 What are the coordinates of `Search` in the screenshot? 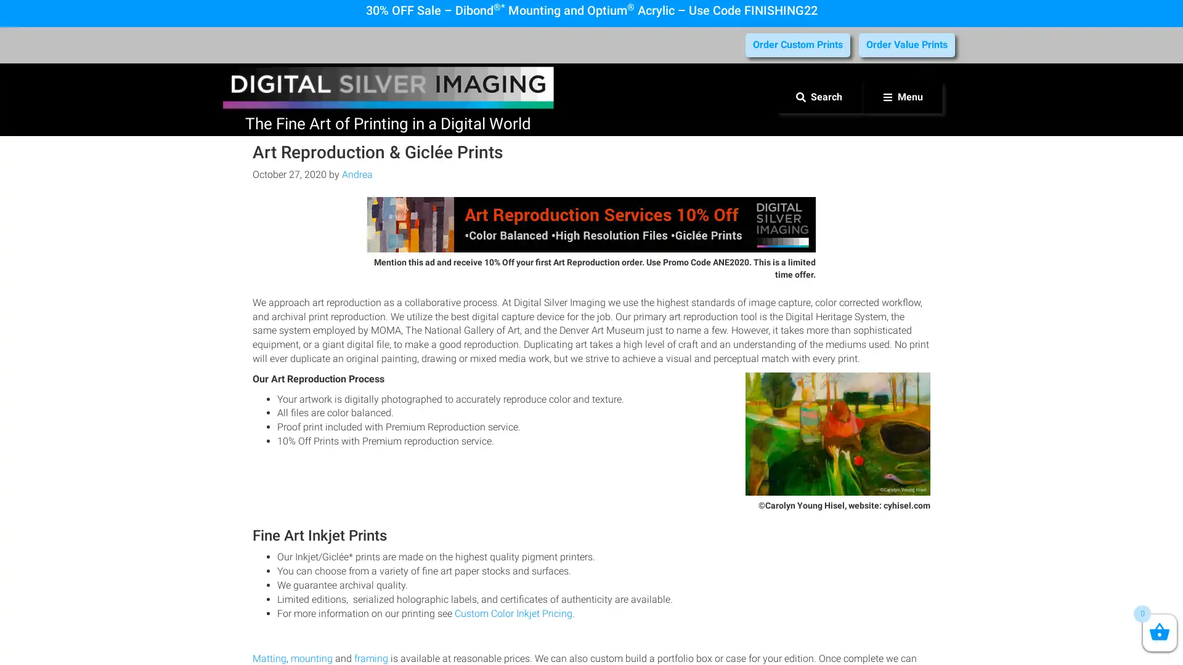 It's located at (819, 96).